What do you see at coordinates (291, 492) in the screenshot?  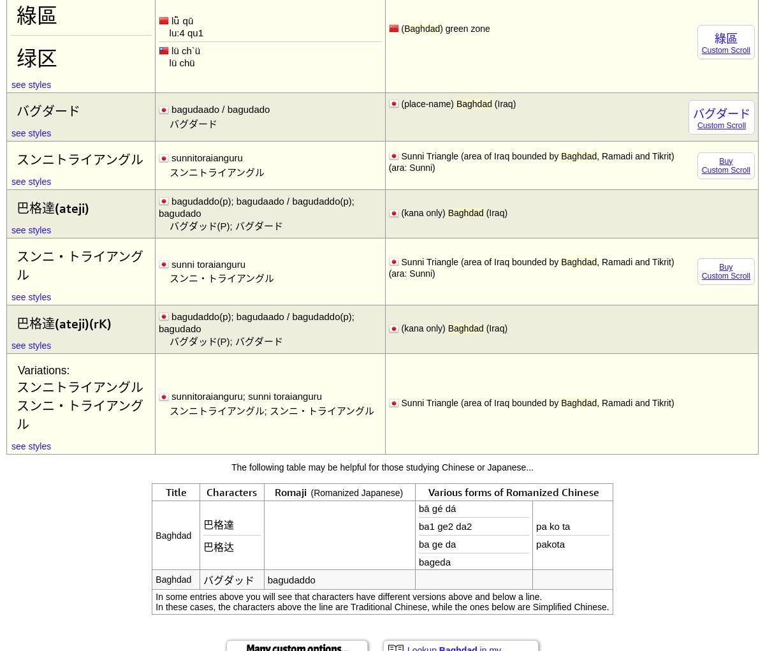 I see `'Romaji'` at bounding box center [291, 492].